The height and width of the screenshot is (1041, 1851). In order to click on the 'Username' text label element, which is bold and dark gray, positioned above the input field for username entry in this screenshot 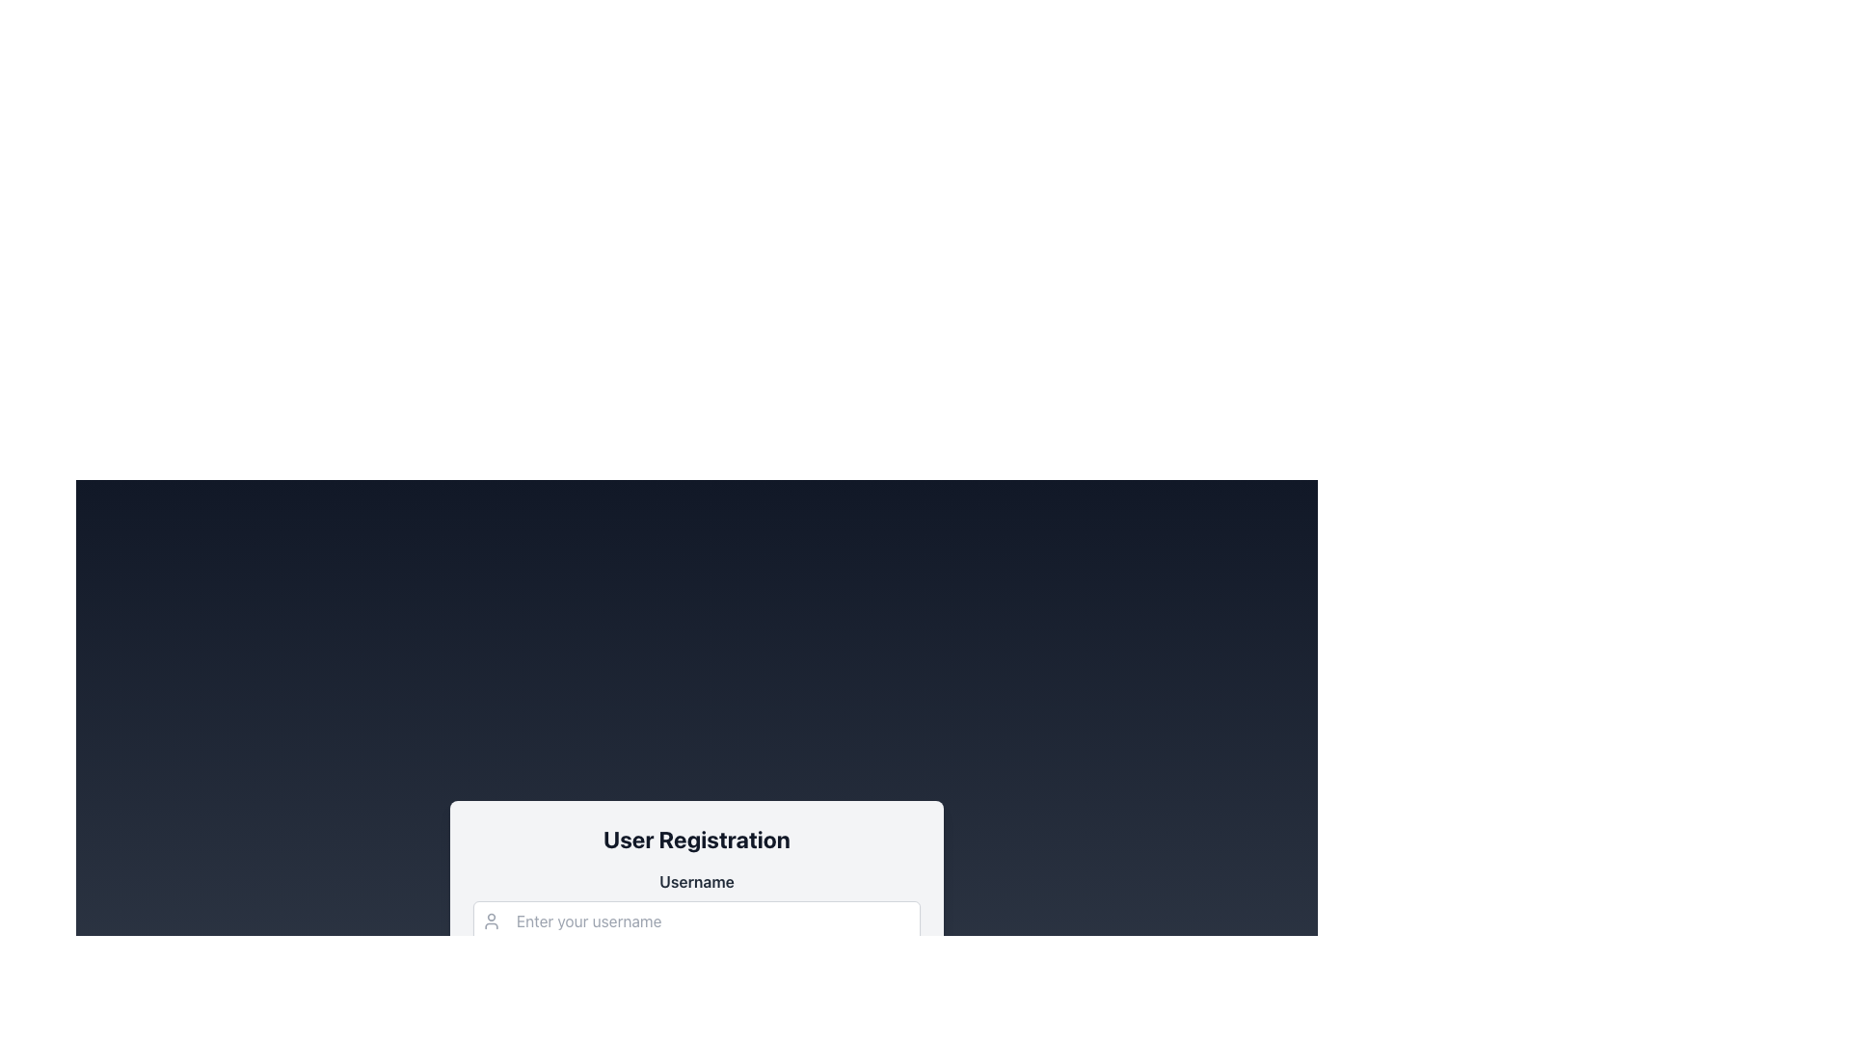, I will do `click(696, 881)`.